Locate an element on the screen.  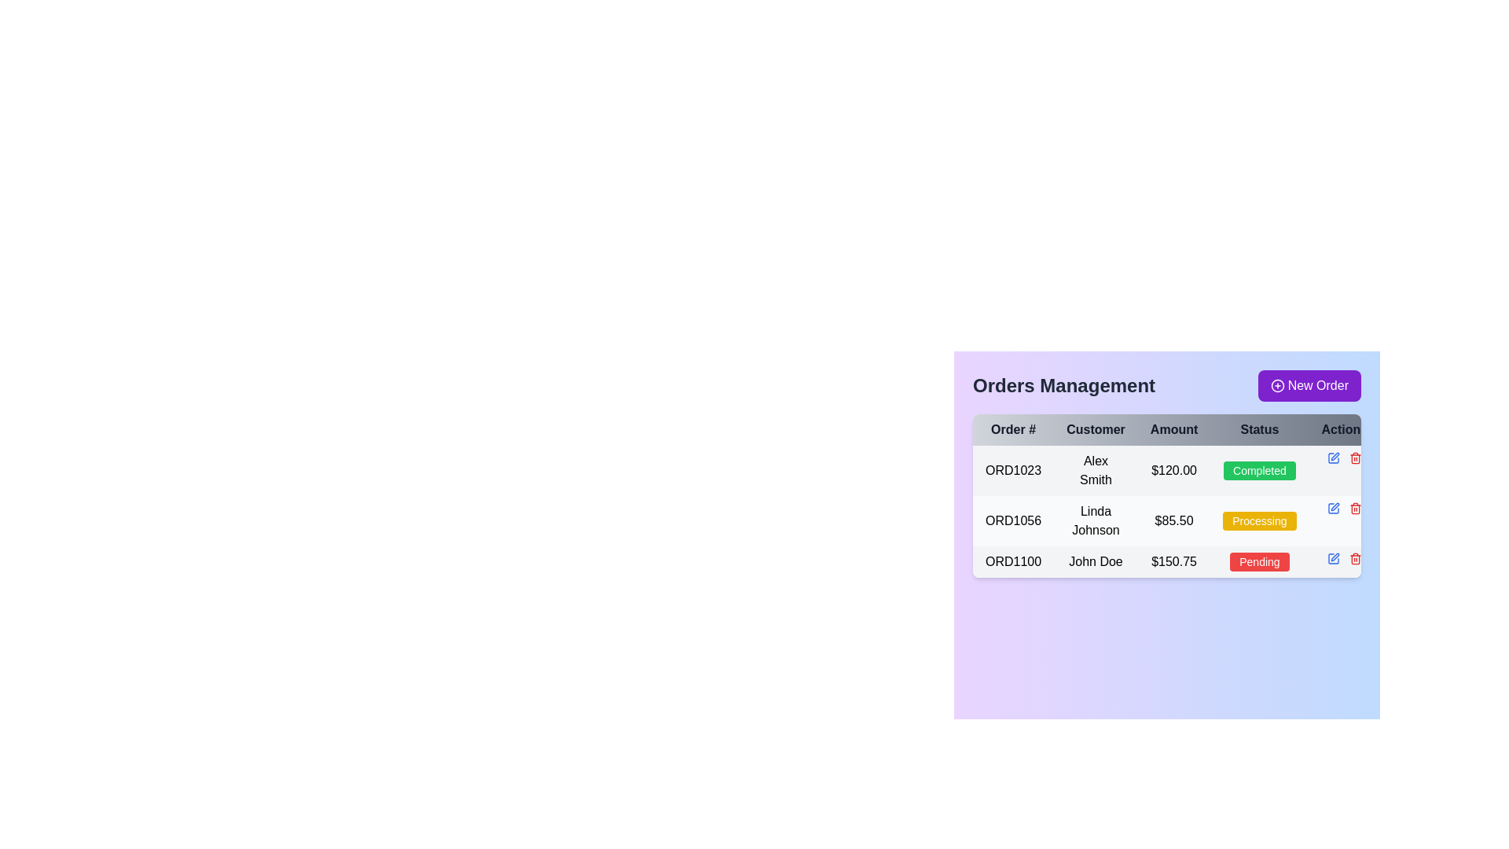
the static text element displaying 'ORD1056' in black on a white background, located in the first cell of the second row of the Orders Management table is located at coordinates (1013, 521).